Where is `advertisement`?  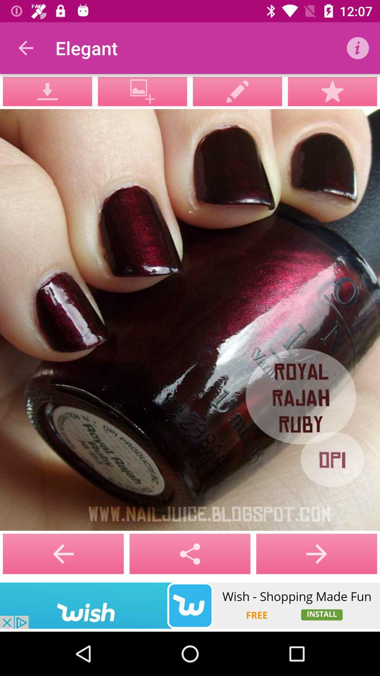 advertisement is located at coordinates (190, 605).